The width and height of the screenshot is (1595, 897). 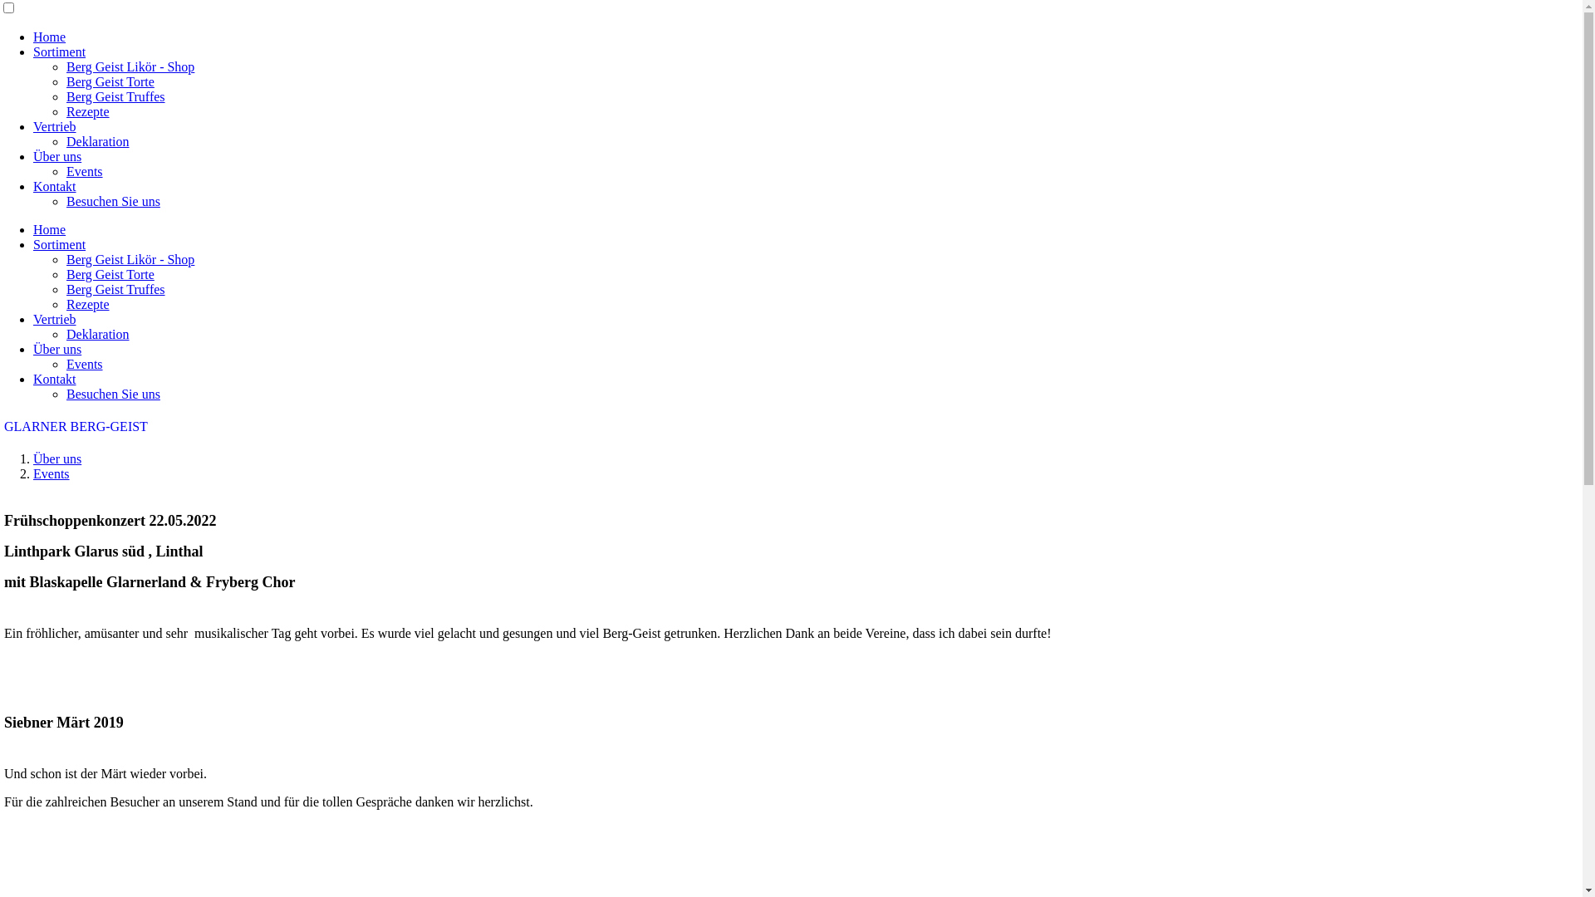 What do you see at coordinates (66, 363) in the screenshot?
I see `'Events'` at bounding box center [66, 363].